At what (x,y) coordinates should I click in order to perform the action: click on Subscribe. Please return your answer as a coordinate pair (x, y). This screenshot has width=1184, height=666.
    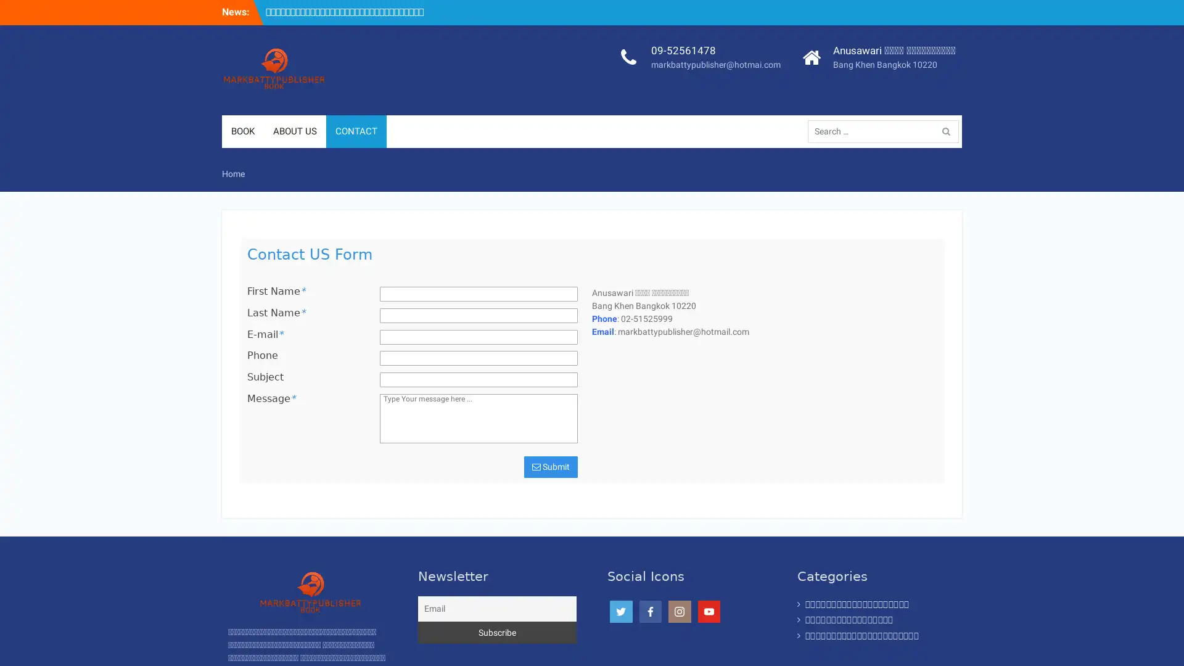
    Looking at the image, I should click on (497, 632).